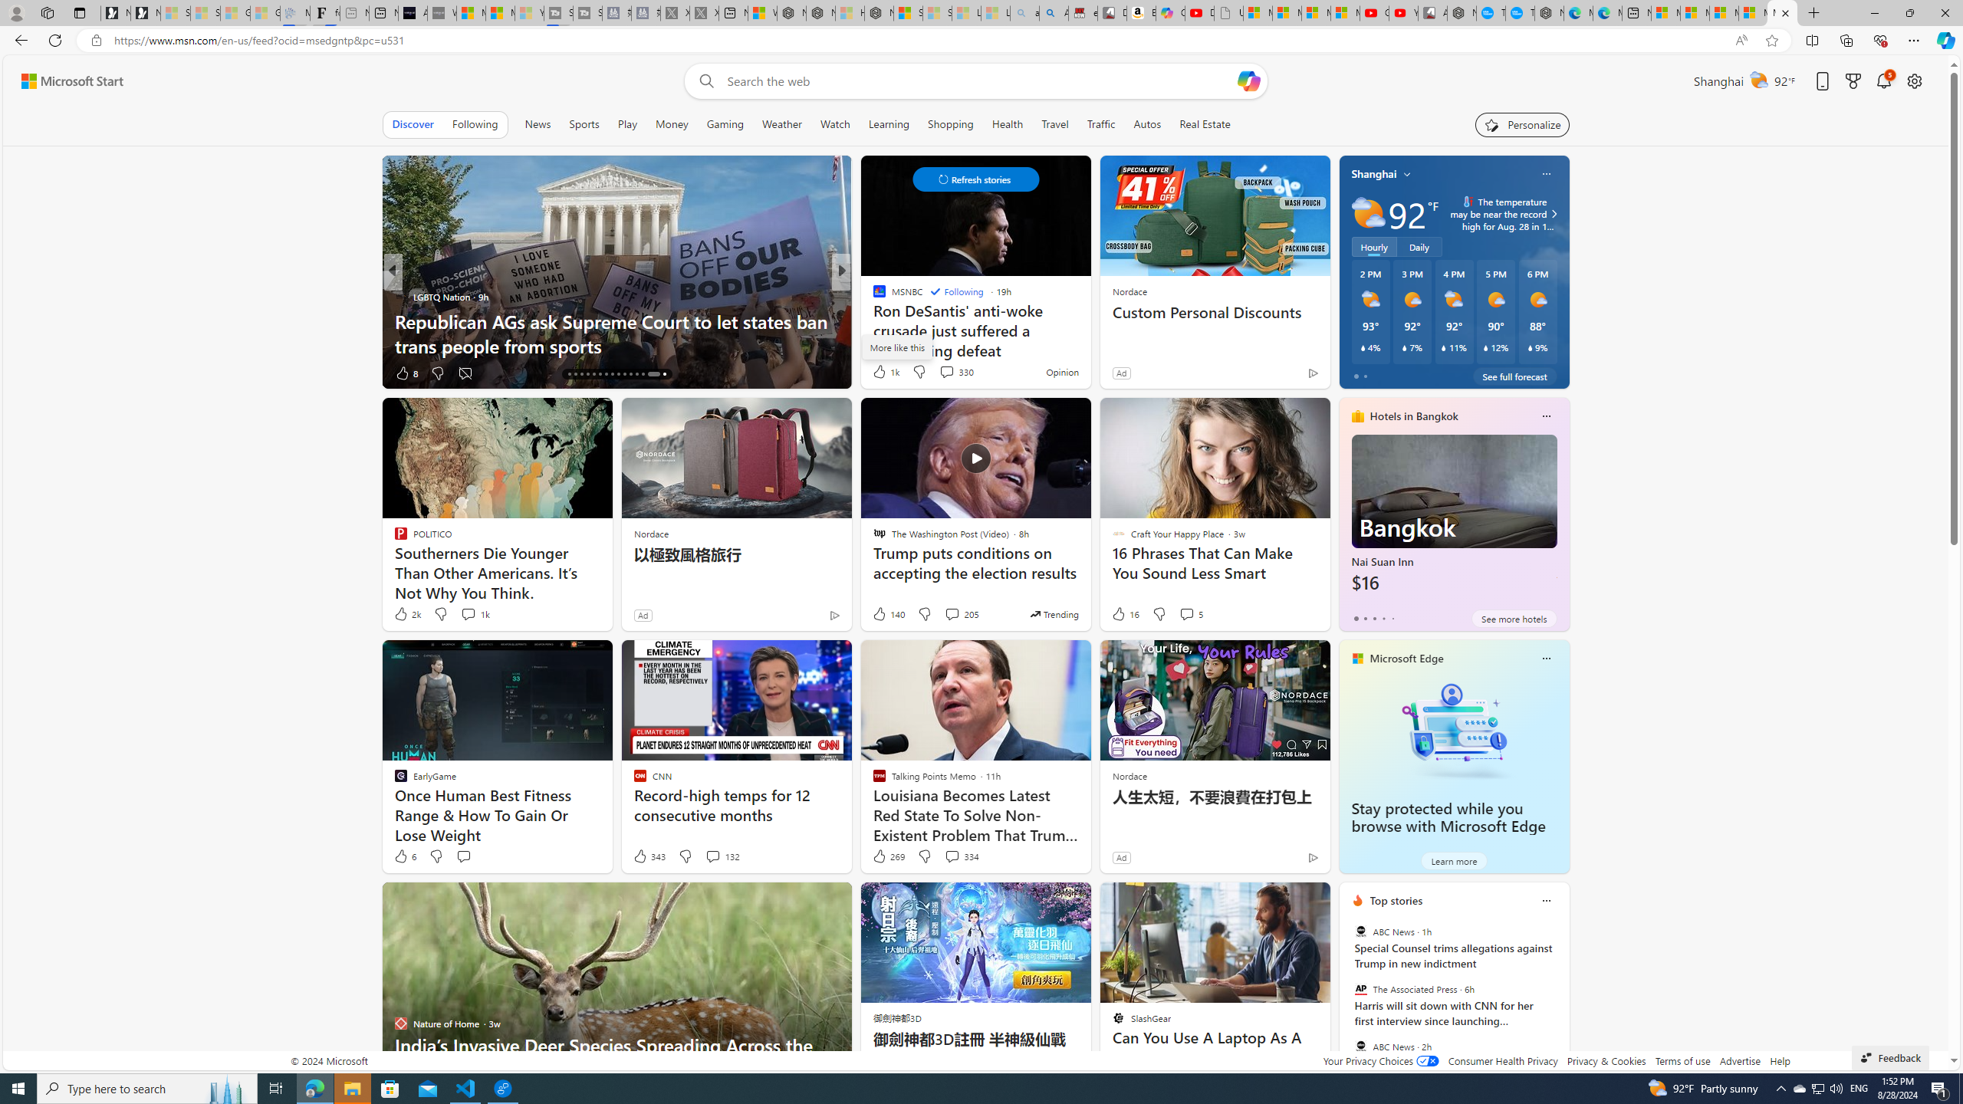  What do you see at coordinates (581, 373) in the screenshot?
I see `'AutomationID: tab-18'` at bounding box center [581, 373].